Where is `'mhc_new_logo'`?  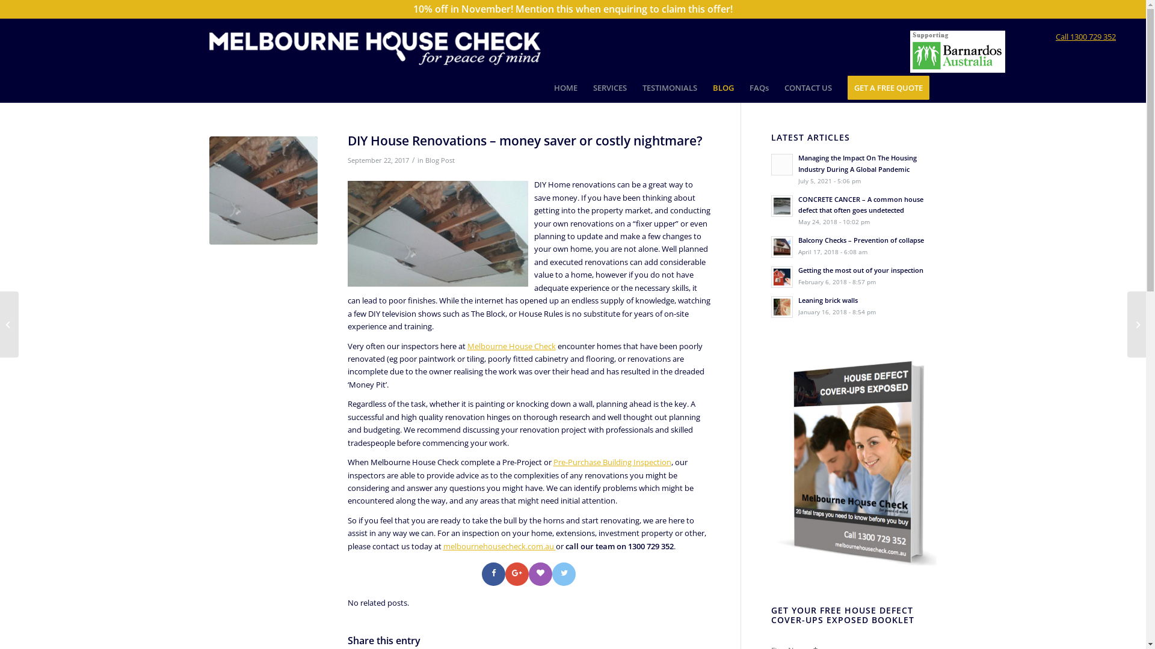 'mhc_new_logo' is located at coordinates (374, 45).